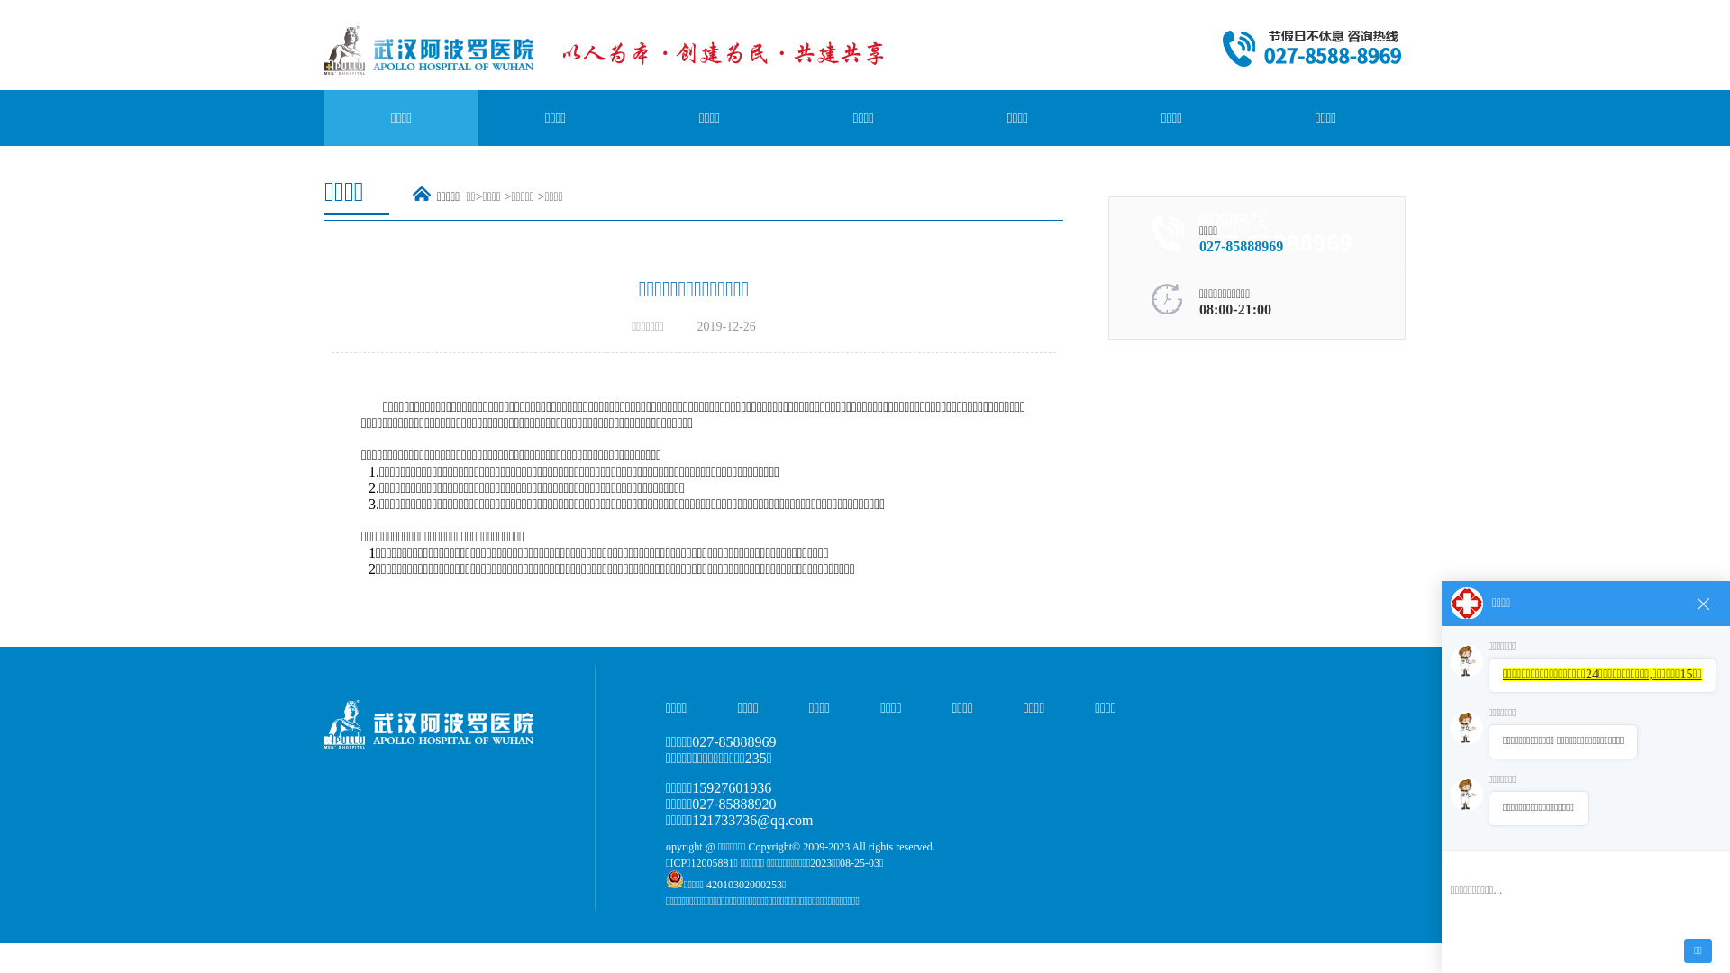  What do you see at coordinates (752, 820) in the screenshot?
I see `'121733736@qq.com'` at bounding box center [752, 820].